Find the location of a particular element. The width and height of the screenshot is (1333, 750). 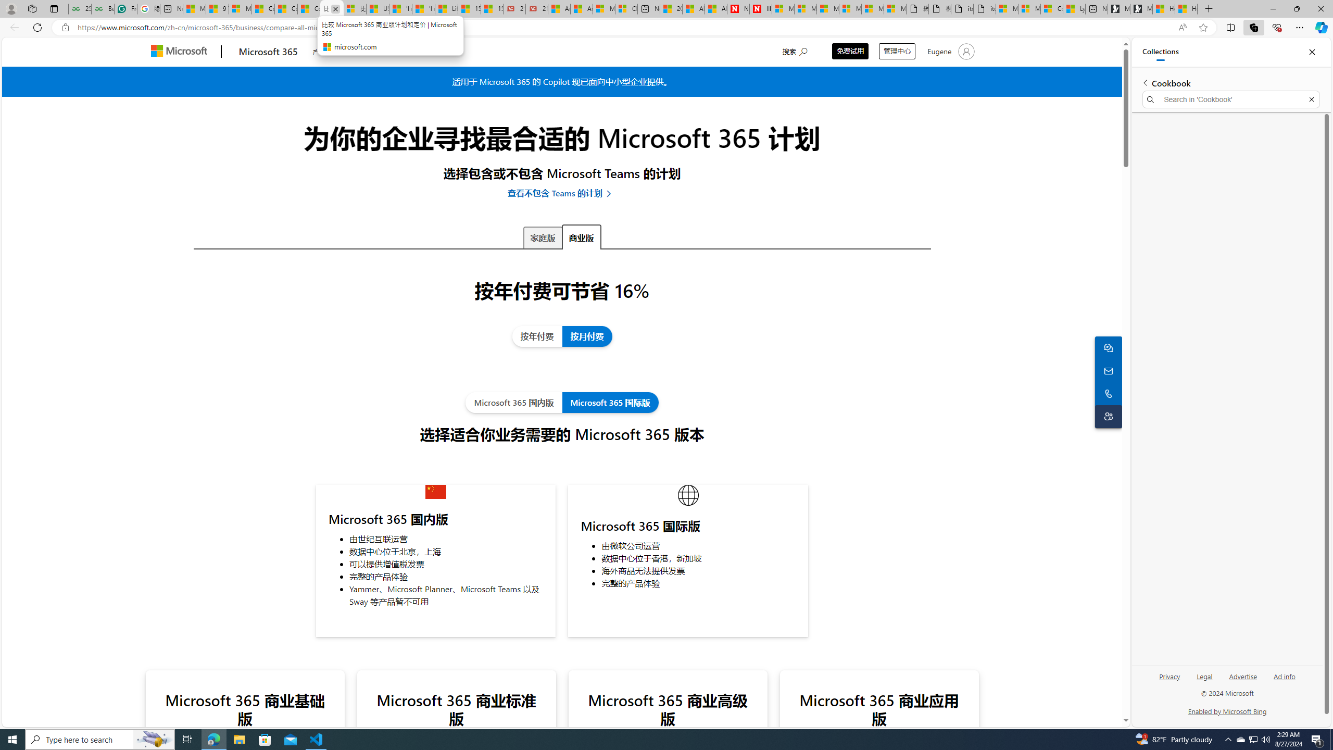

'Illness news & latest pictures from Newsweek.com' is located at coordinates (760, 8).